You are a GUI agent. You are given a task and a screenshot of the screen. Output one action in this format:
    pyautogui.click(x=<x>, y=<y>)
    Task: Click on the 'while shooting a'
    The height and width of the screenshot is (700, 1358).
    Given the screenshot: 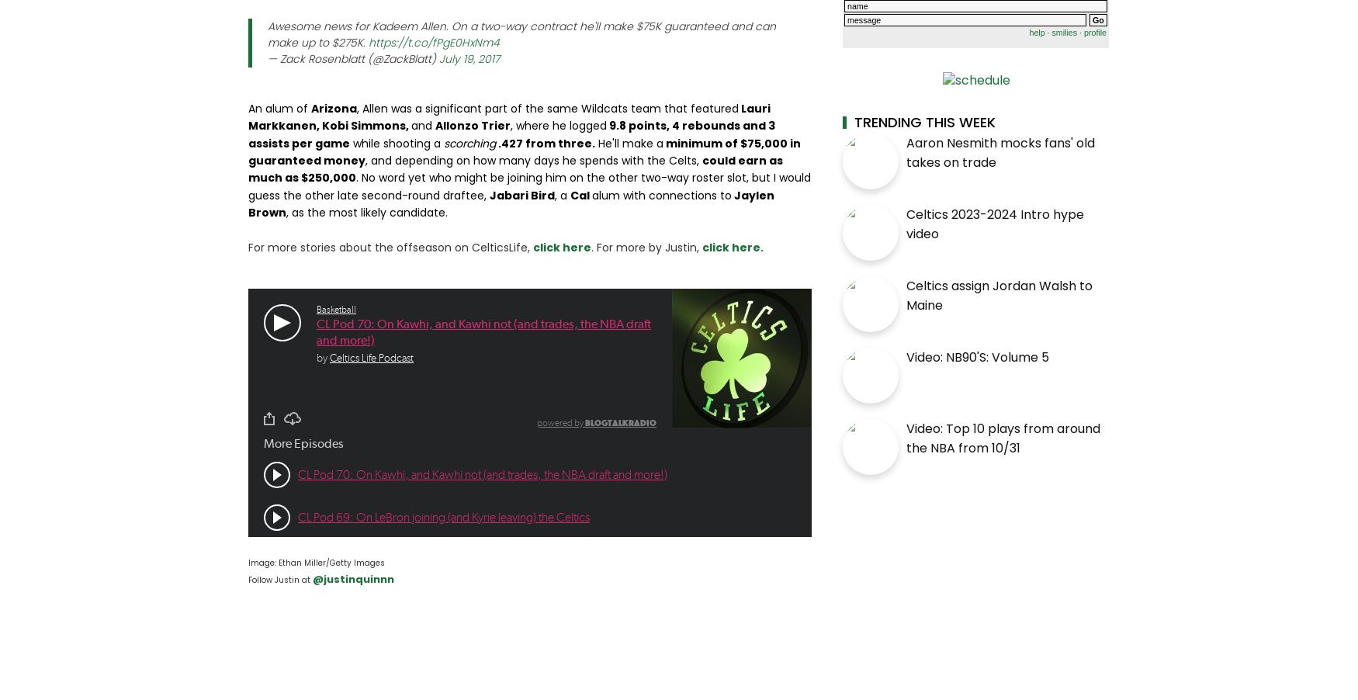 What is the action you would take?
    pyautogui.click(x=349, y=142)
    